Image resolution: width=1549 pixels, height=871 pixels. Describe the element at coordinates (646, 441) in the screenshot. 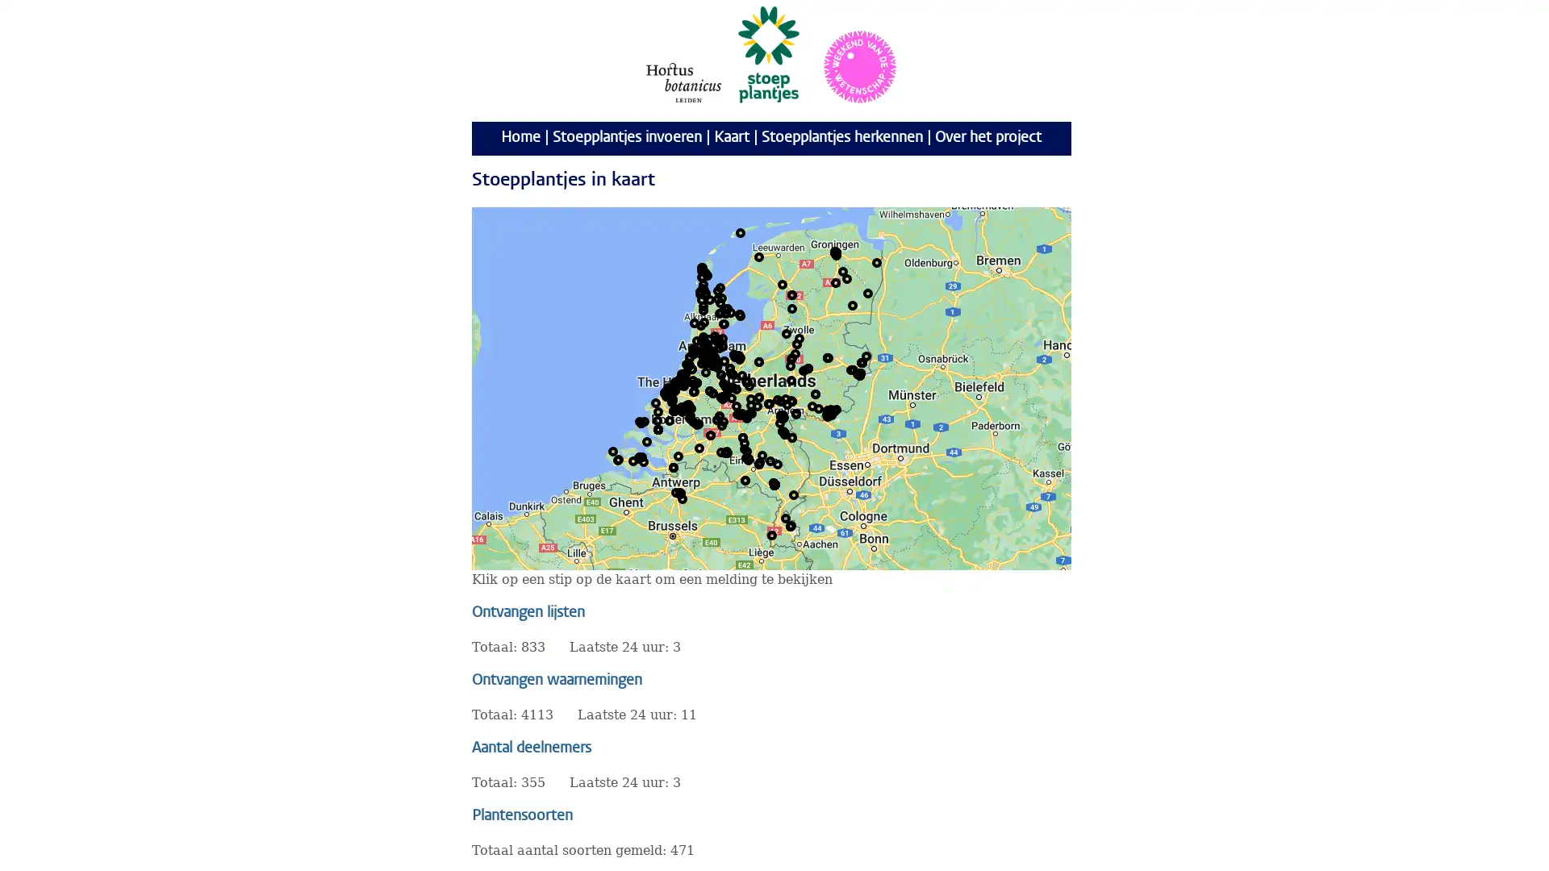

I see `Telling van op 17 mei 2022` at that location.